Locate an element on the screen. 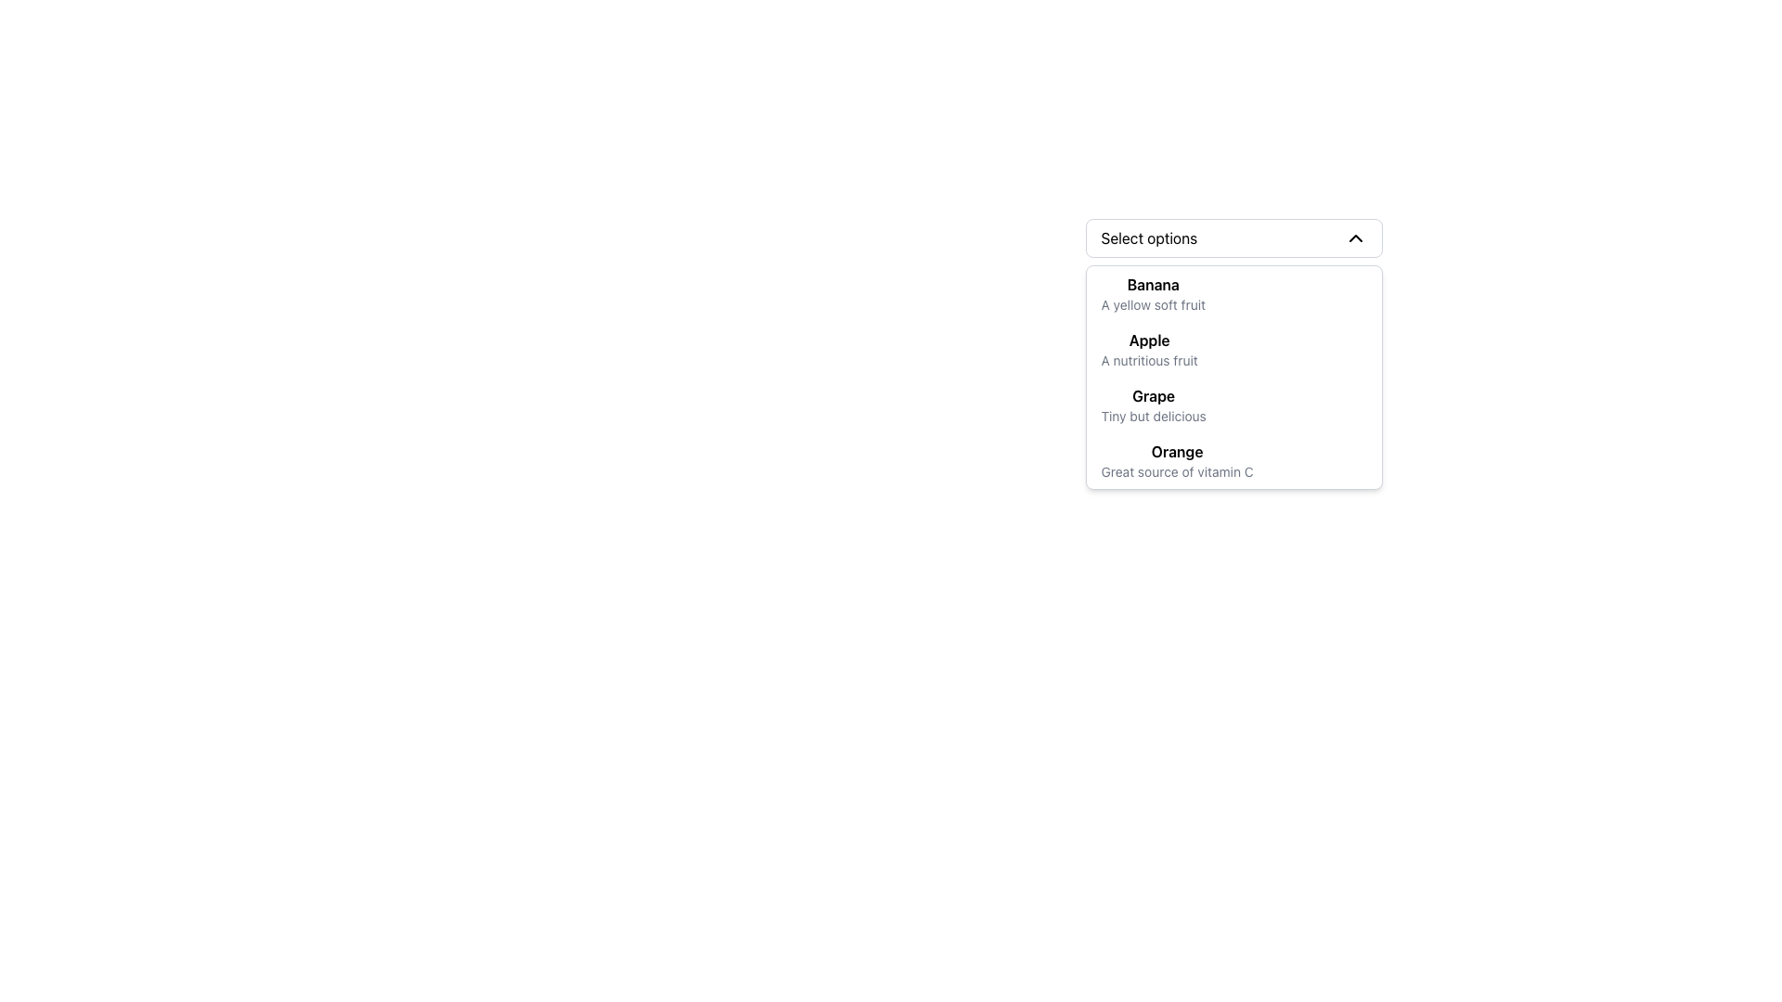  the text label for 'Banana' in the selection list located under 'Select options' is located at coordinates (1152, 285).